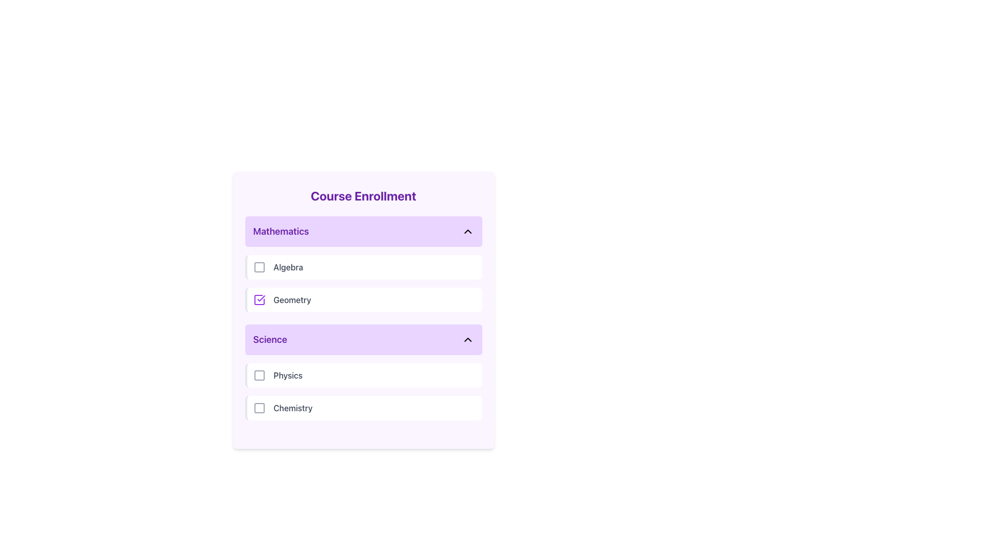  What do you see at coordinates (363, 375) in the screenshot?
I see `the checkbox of the first list item labeled 'Physics' under the 'Science' section` at bounding box center [363, 375].